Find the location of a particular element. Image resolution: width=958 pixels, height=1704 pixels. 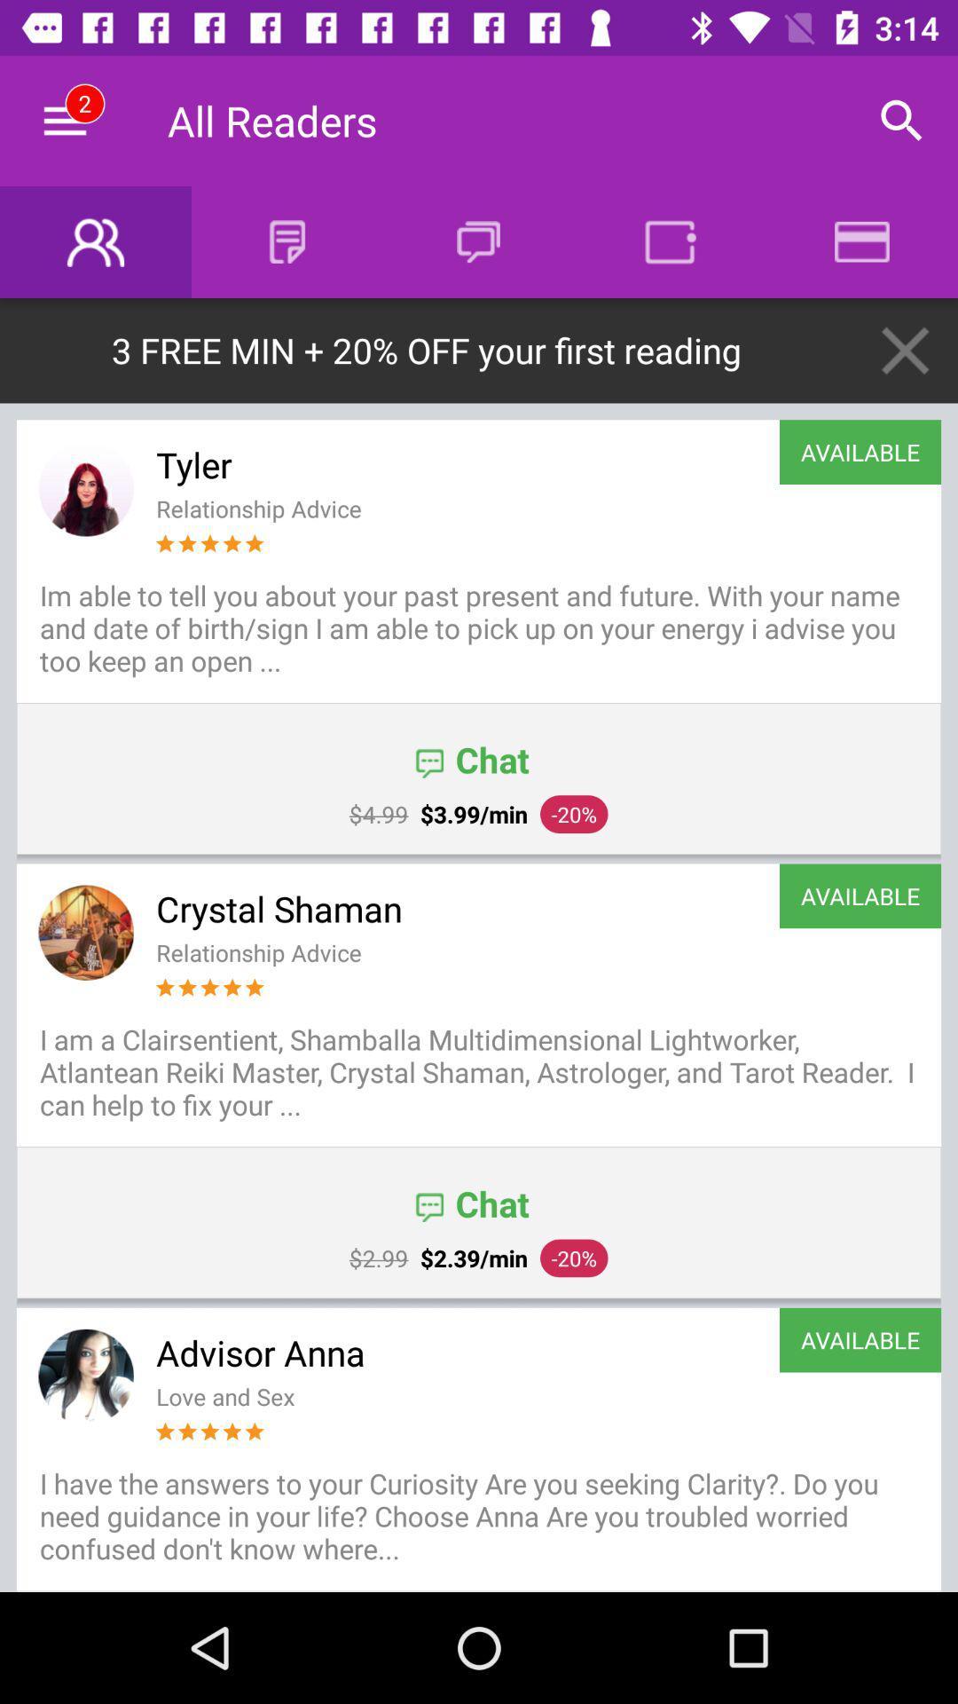

the icon above the available item is located at coordinates (905, 351).